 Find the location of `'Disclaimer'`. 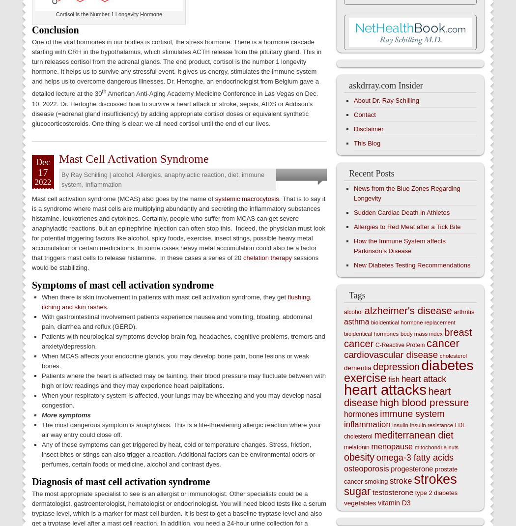

'Disclaimer' is located at coordinates (353, 128).